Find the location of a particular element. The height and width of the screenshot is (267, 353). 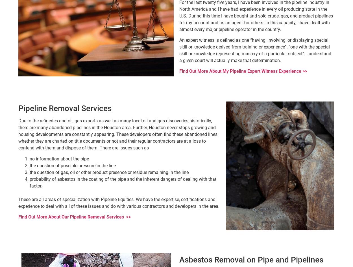

'These are all areas of specialization with Pipeline Equities. We have the expertise, certifications and experience to deal with all of these issues and do with various contractors and developers in the area.' is located at coordinates (18, 202).